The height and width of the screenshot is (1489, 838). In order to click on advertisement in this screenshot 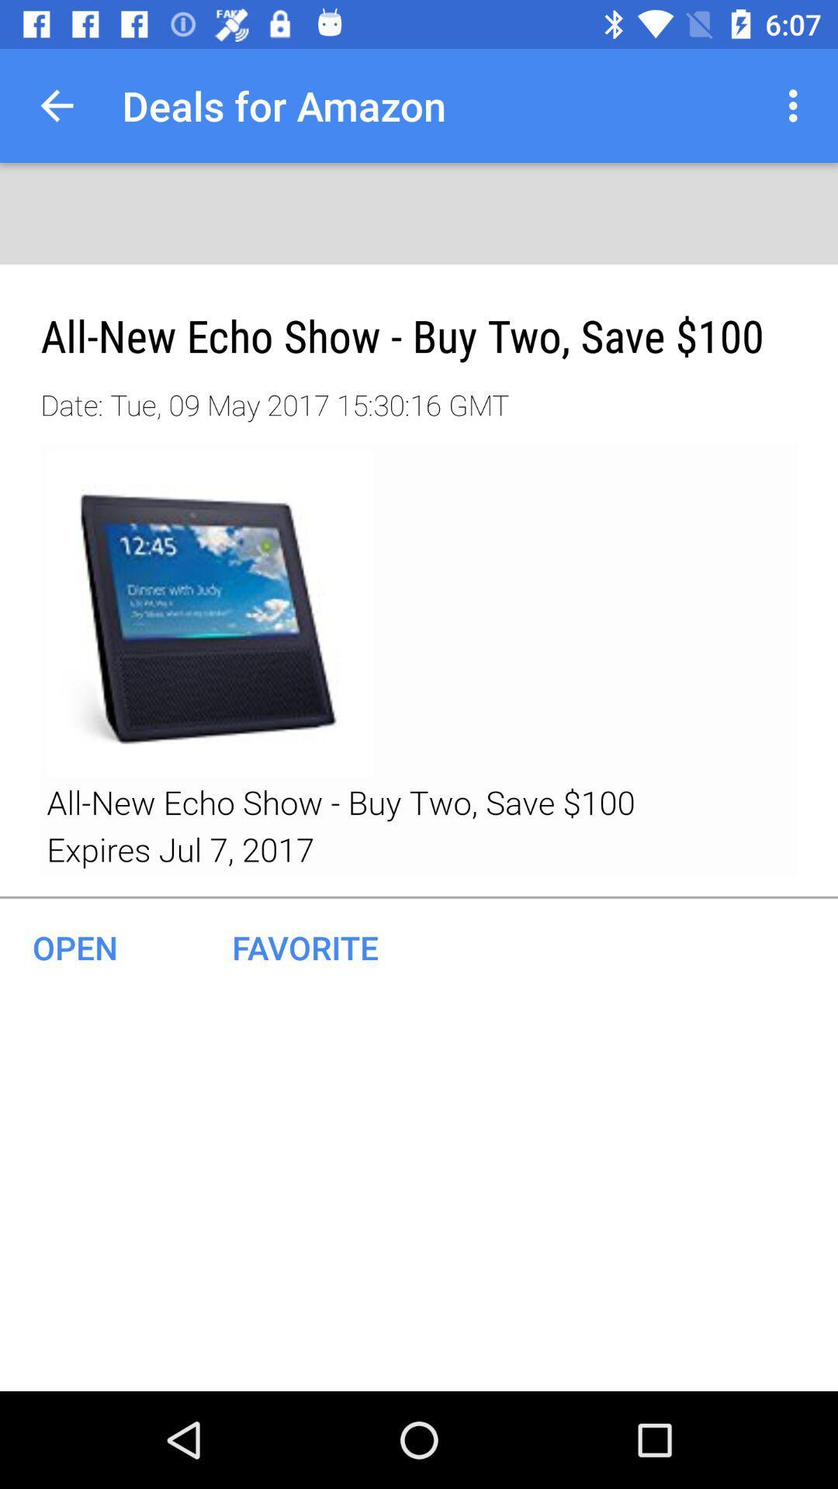, I will do `click(419, 660)`.